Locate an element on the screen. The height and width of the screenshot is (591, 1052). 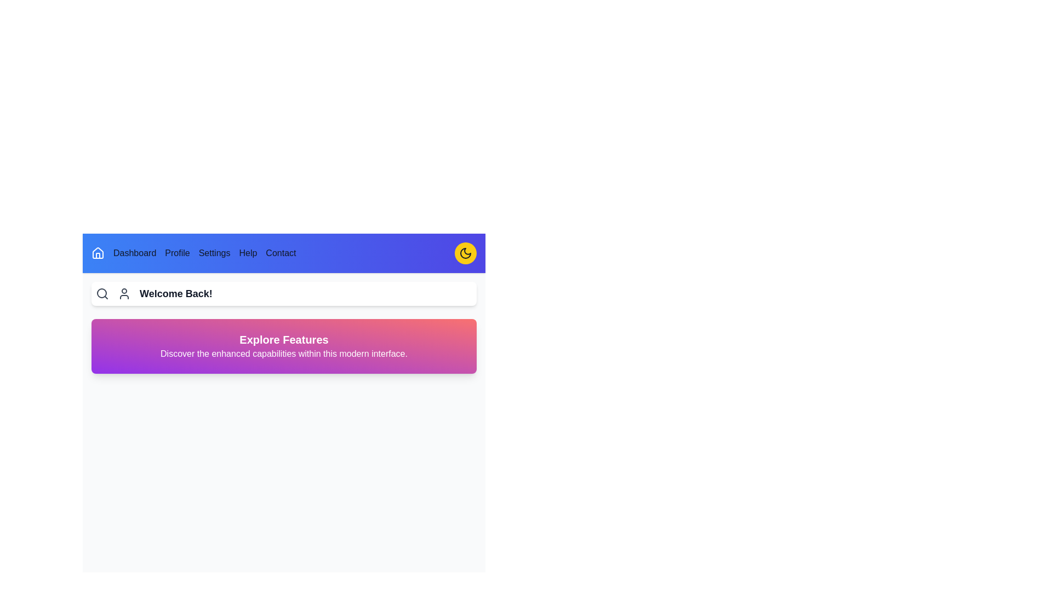
the home icon in the navbar is located at coordinates (98, 253).